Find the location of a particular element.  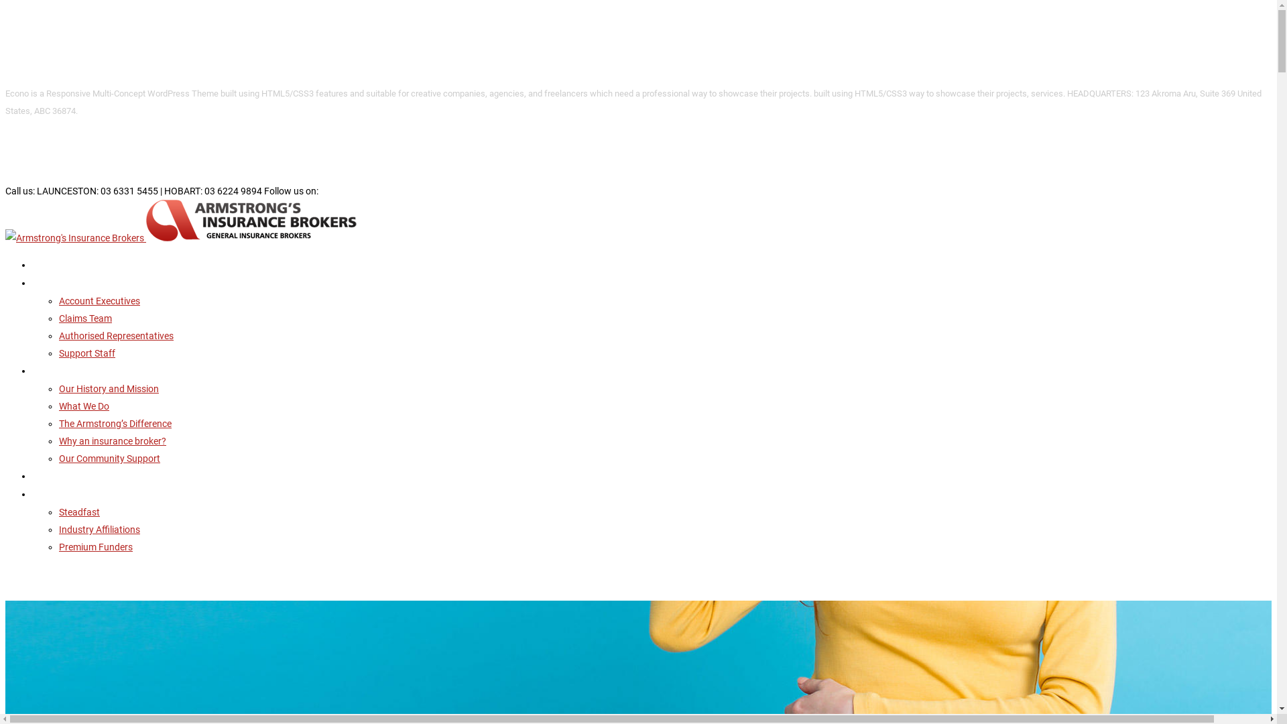

'Account Executives' is located at coordinates (99, 300).